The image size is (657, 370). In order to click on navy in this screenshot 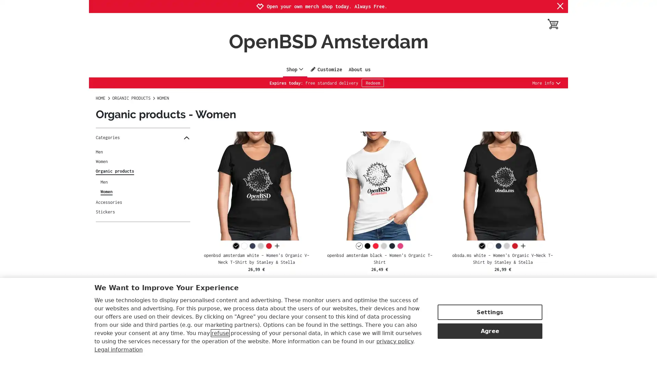, I will do `click(252, 246)`.